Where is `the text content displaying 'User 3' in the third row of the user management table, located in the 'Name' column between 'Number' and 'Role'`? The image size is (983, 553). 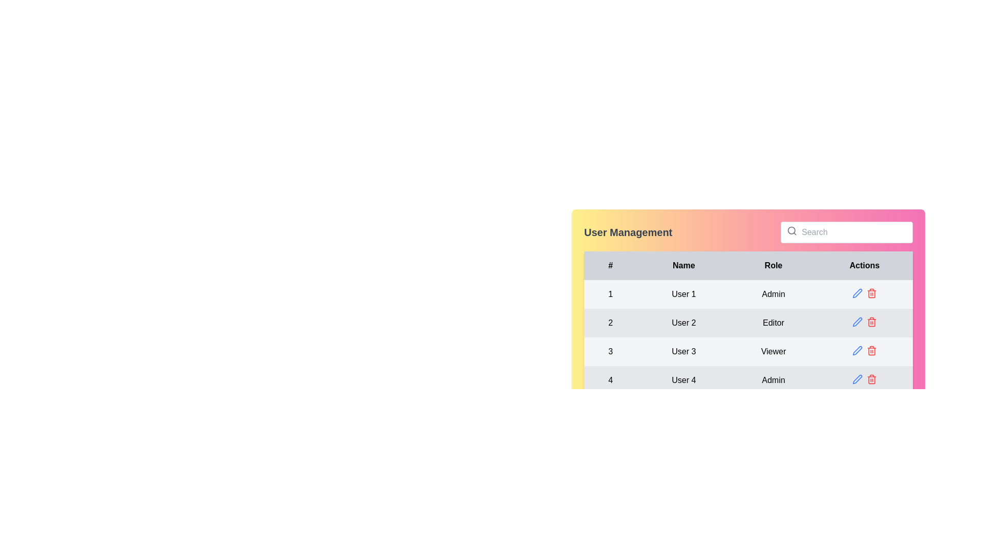
the text content displaying 'User 3' in the third row of the user management table, located in the 'Name' column between 'Number' and 'Role' is located at coordinates (683, 351).